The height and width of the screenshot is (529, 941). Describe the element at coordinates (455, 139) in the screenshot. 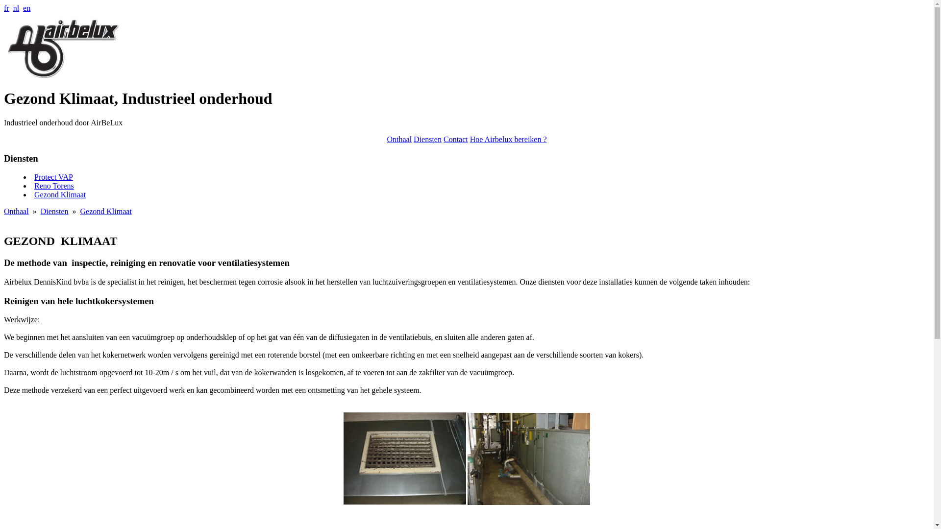

I see `'Contact'` at that location.